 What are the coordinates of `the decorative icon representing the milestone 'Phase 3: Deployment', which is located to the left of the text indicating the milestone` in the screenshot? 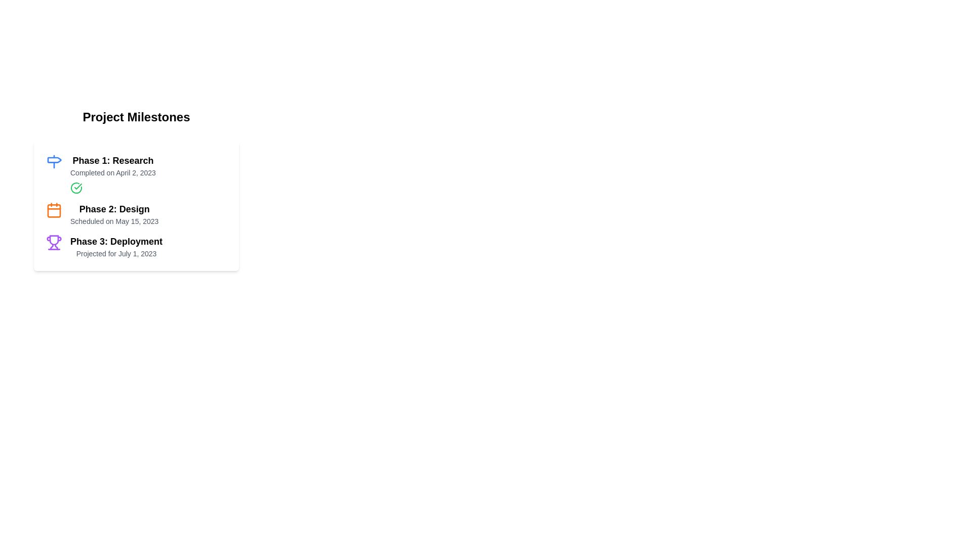 It's located at (53, 242).